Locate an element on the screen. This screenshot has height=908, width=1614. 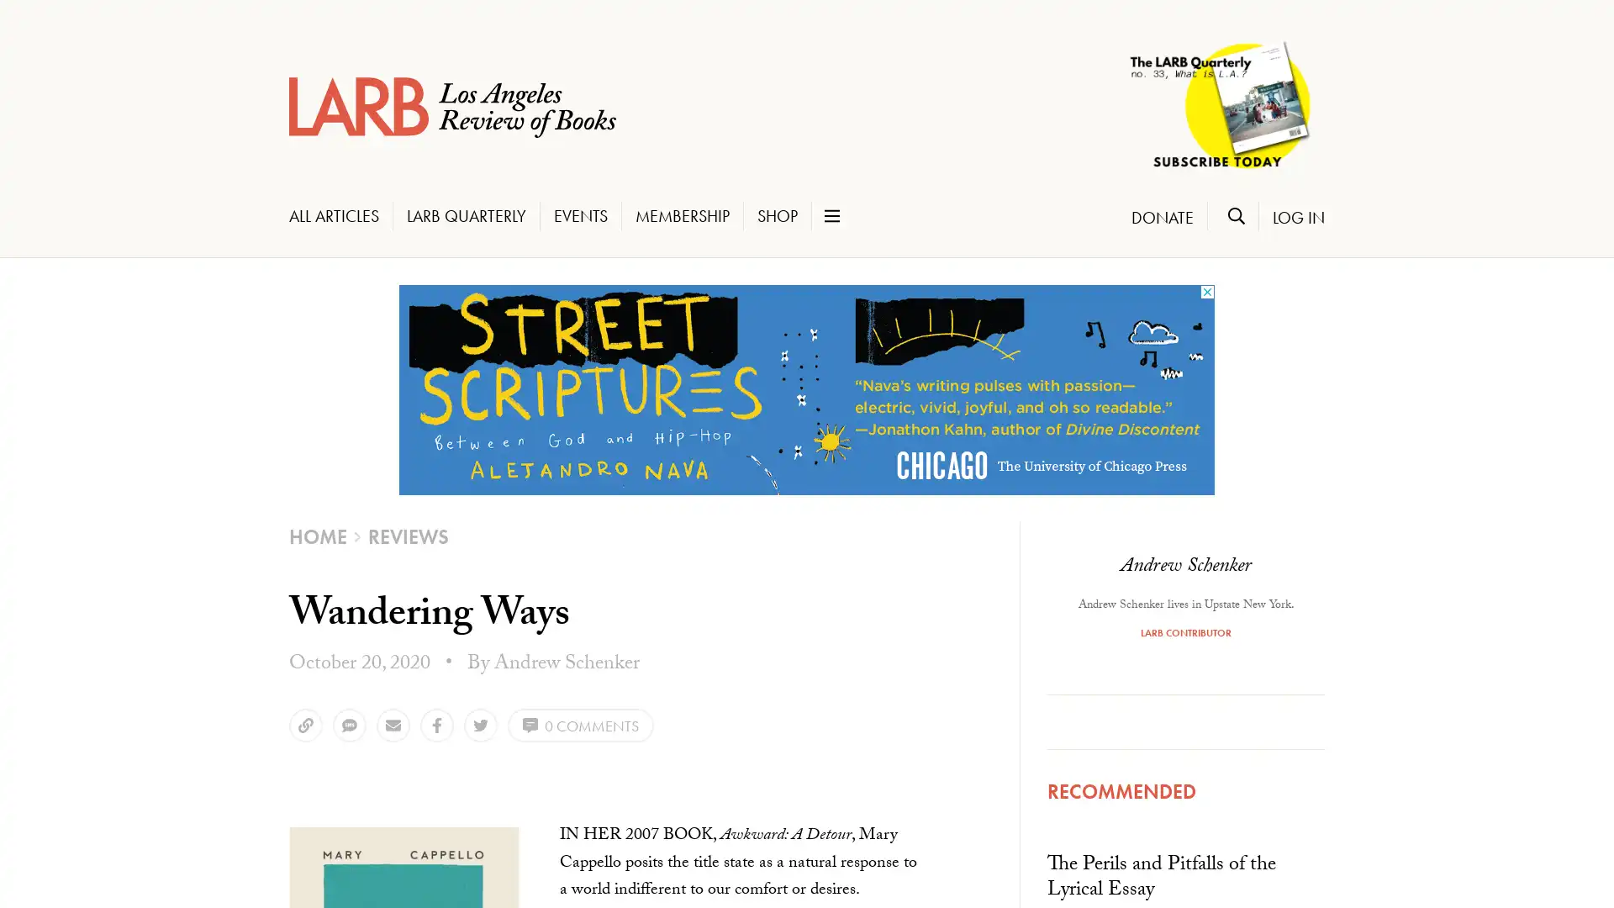
Close is located at coordinates (260, 460).